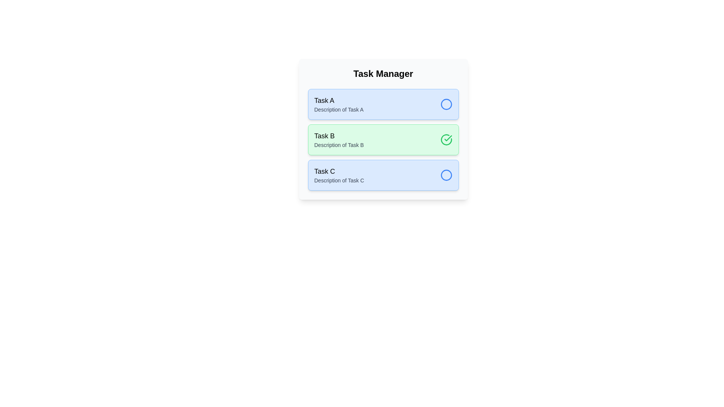 This screenshot has height=407, width=724. I want to click on the 'Task C' card component, so click(383, 175).